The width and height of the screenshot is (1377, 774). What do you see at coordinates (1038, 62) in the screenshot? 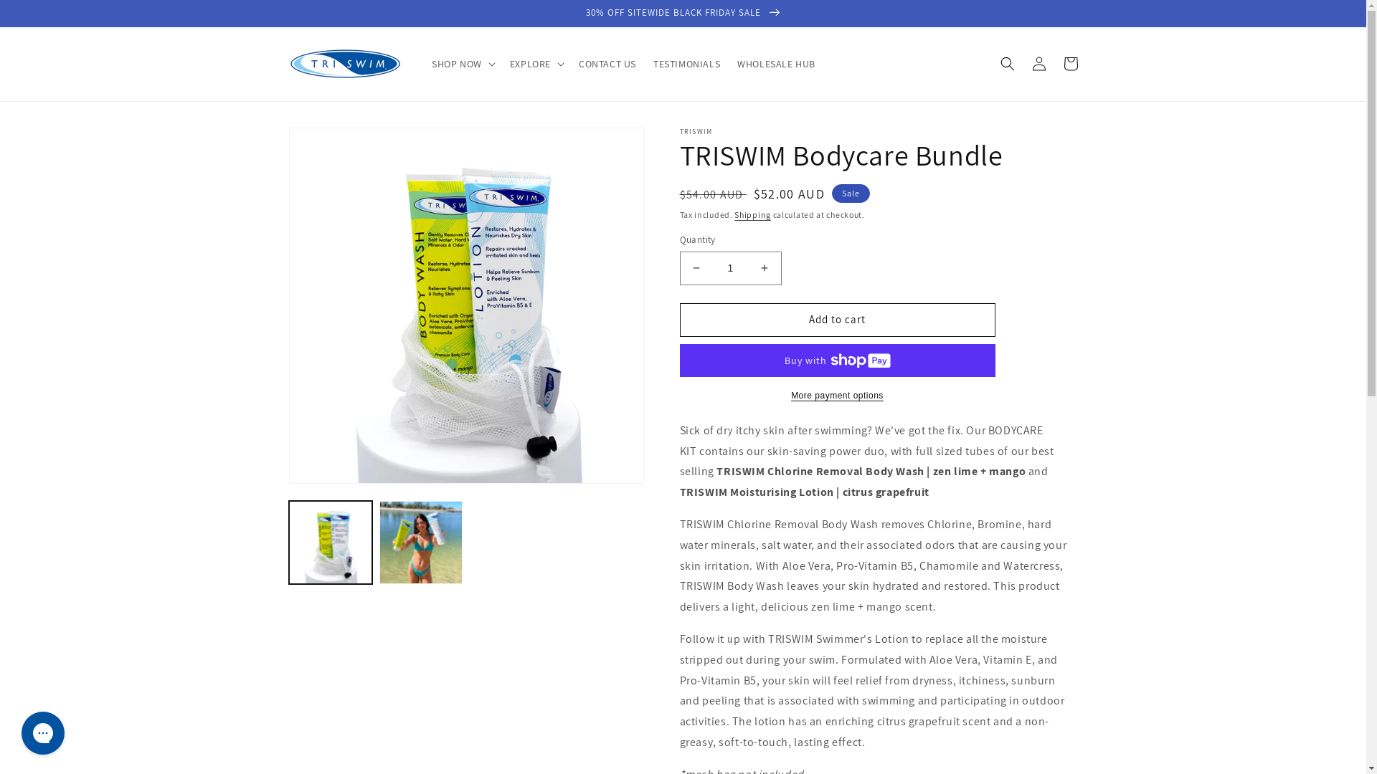
I see `'Log in'` at bounding box center [1038, 62].